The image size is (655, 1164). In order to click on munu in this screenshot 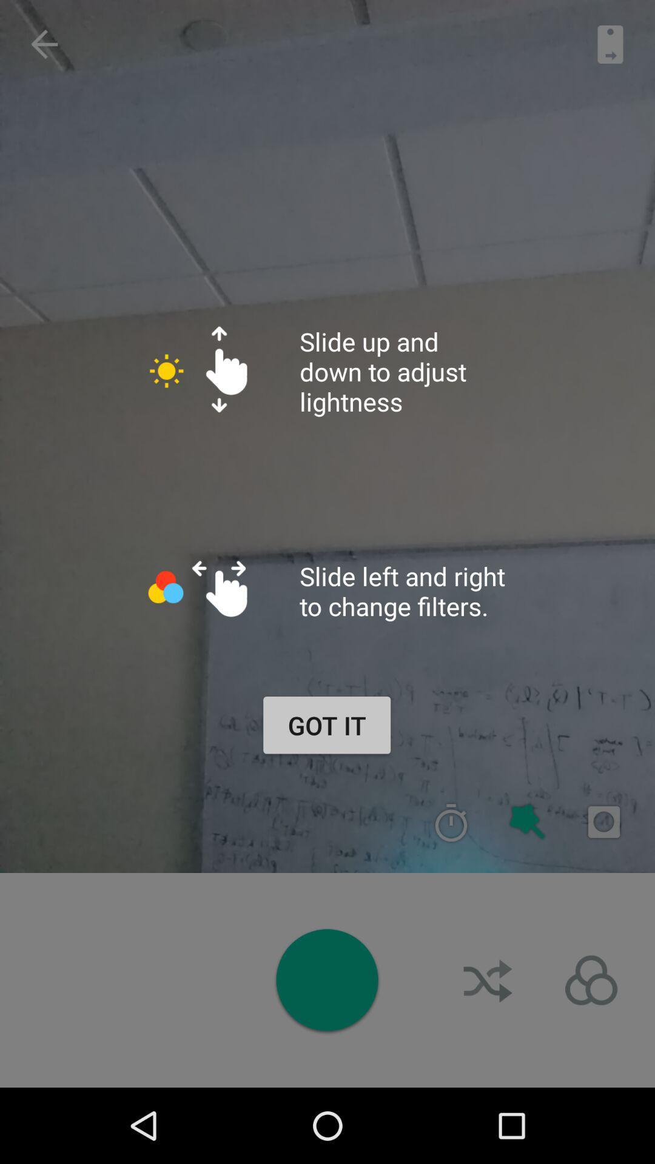, I will do `click(591, 980)`.